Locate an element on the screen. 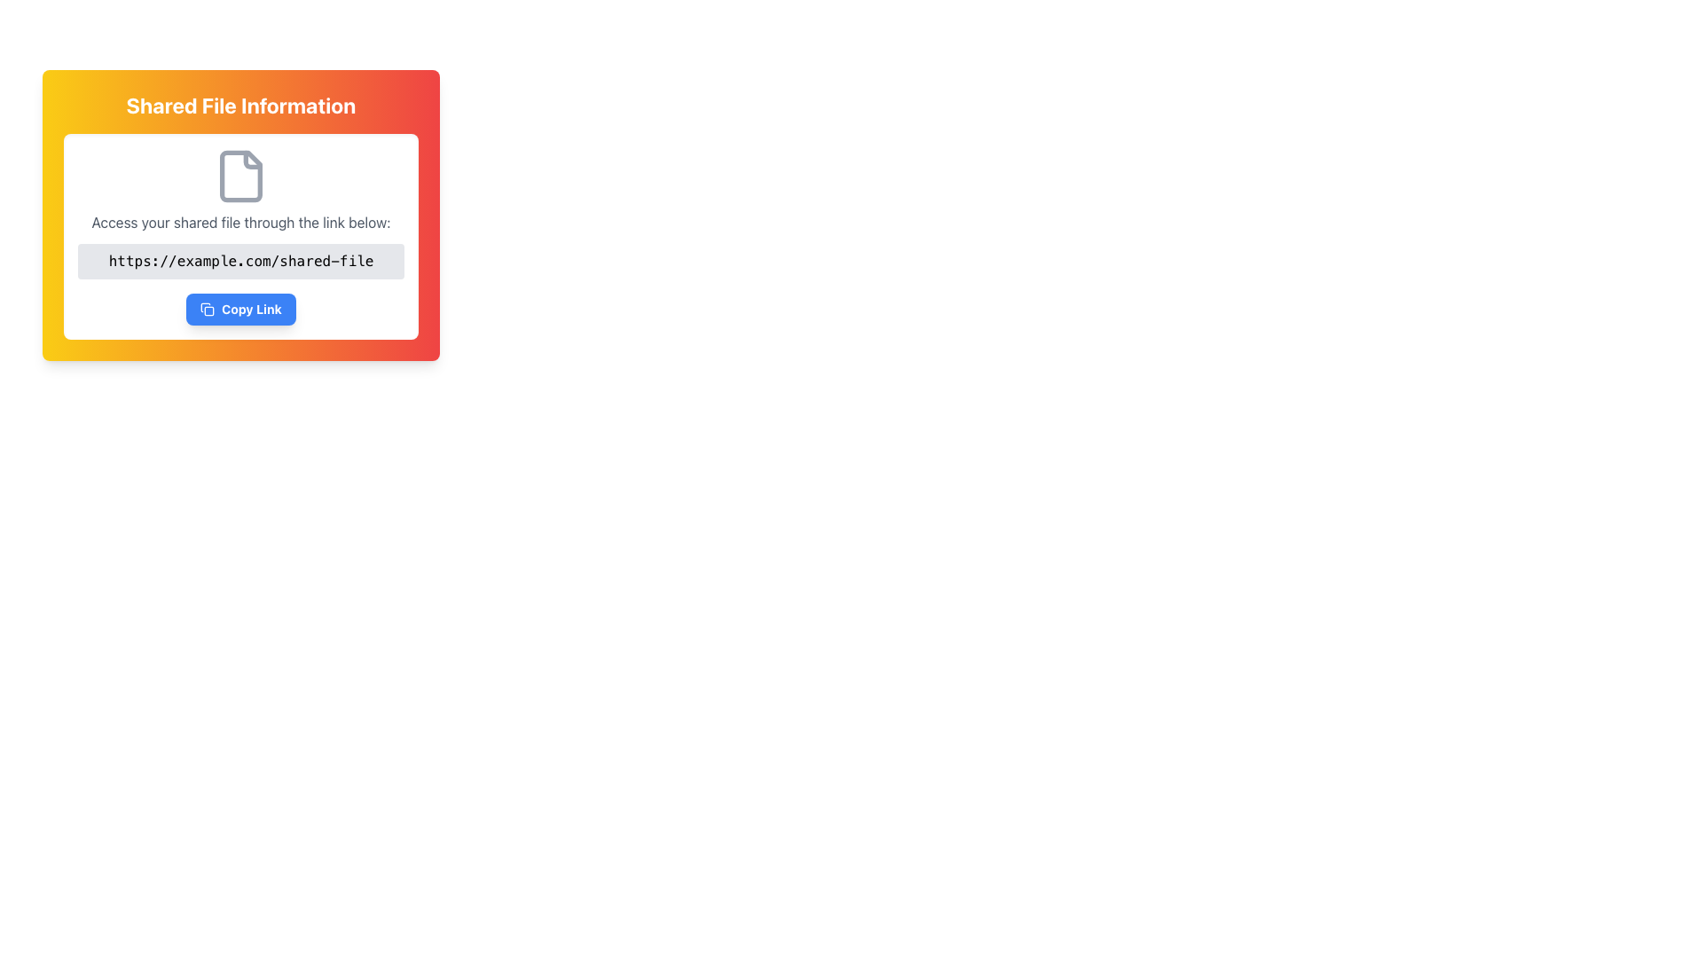 This screenshot has width=1703, height=958. the file icon located at the top center of the 'Shared File Information' card, which is represented by a light gray, simplistic design is located at coordinates (240, 177).